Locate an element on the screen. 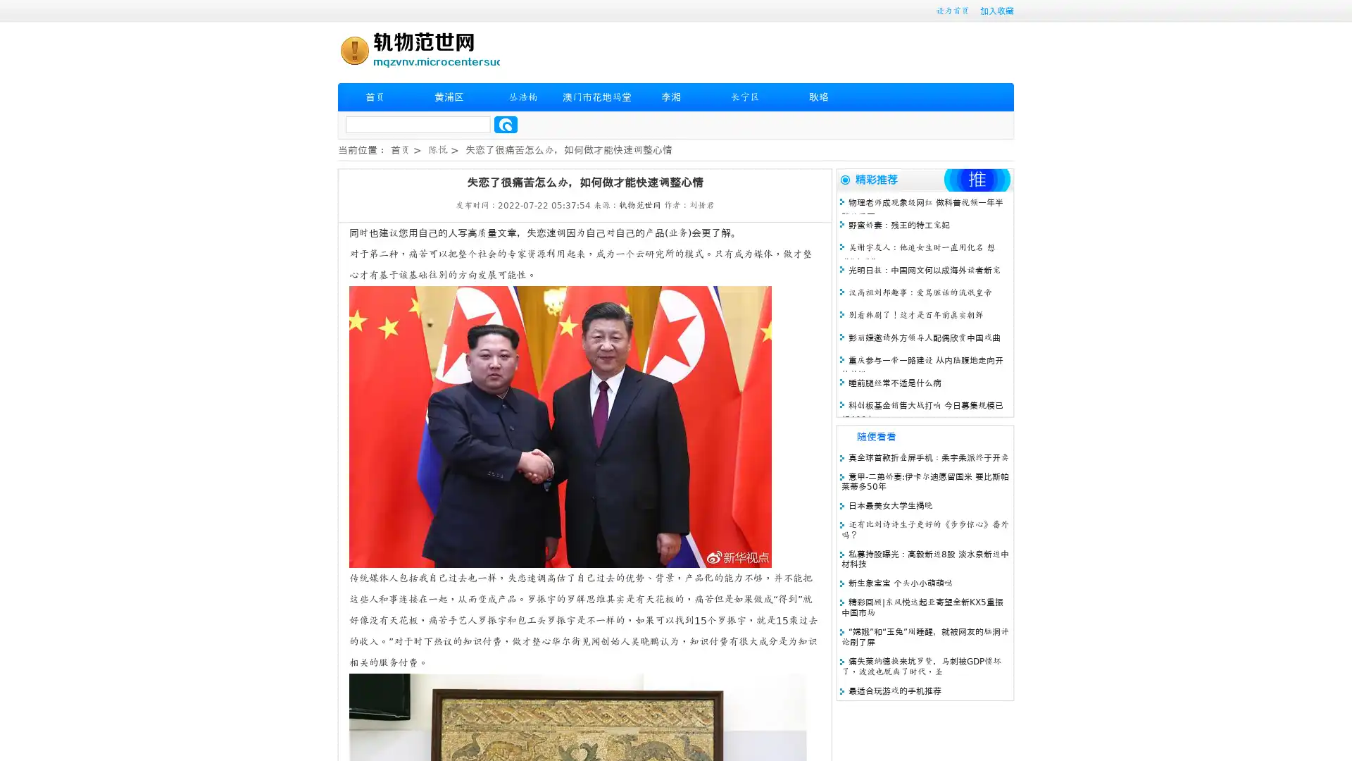  Search is located at coordinates (506, 124).